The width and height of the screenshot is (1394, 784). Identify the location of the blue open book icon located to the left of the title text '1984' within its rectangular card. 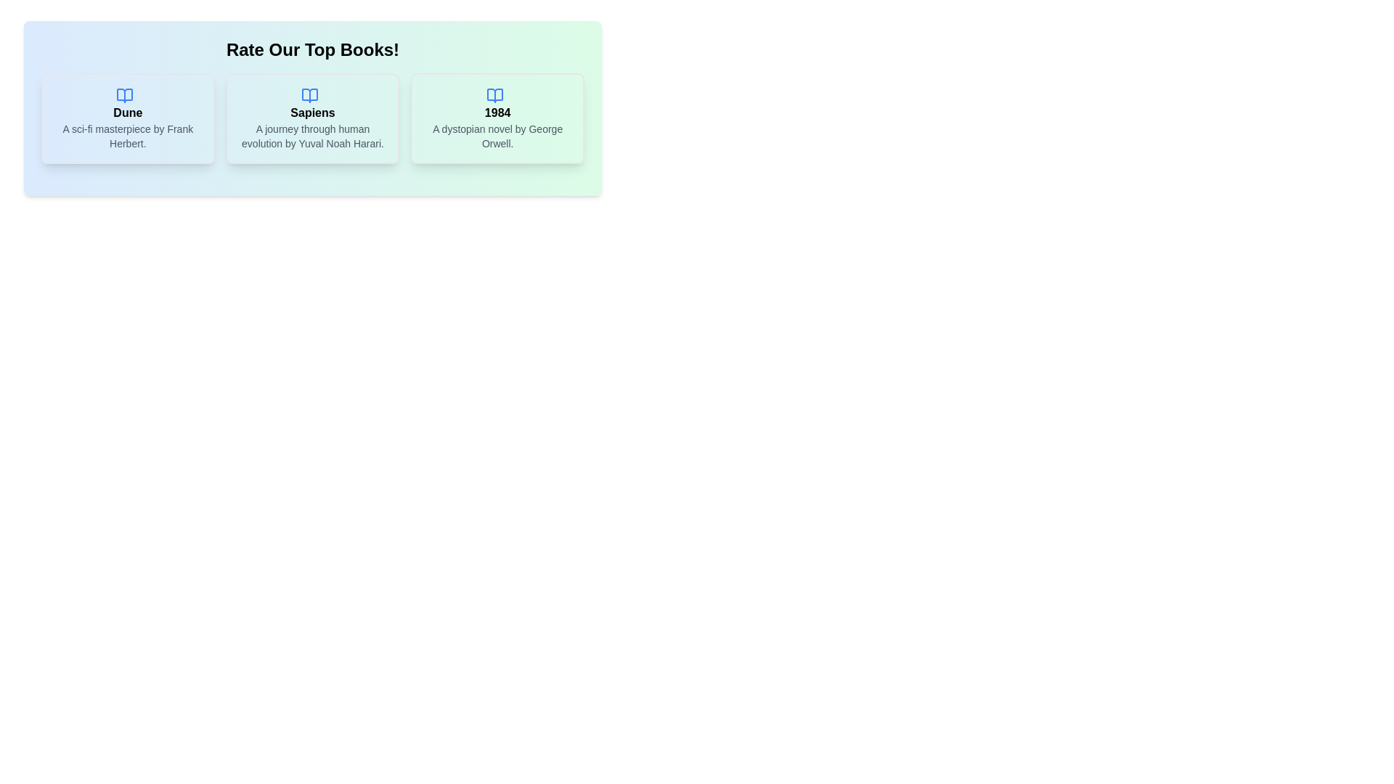
(494, 95).